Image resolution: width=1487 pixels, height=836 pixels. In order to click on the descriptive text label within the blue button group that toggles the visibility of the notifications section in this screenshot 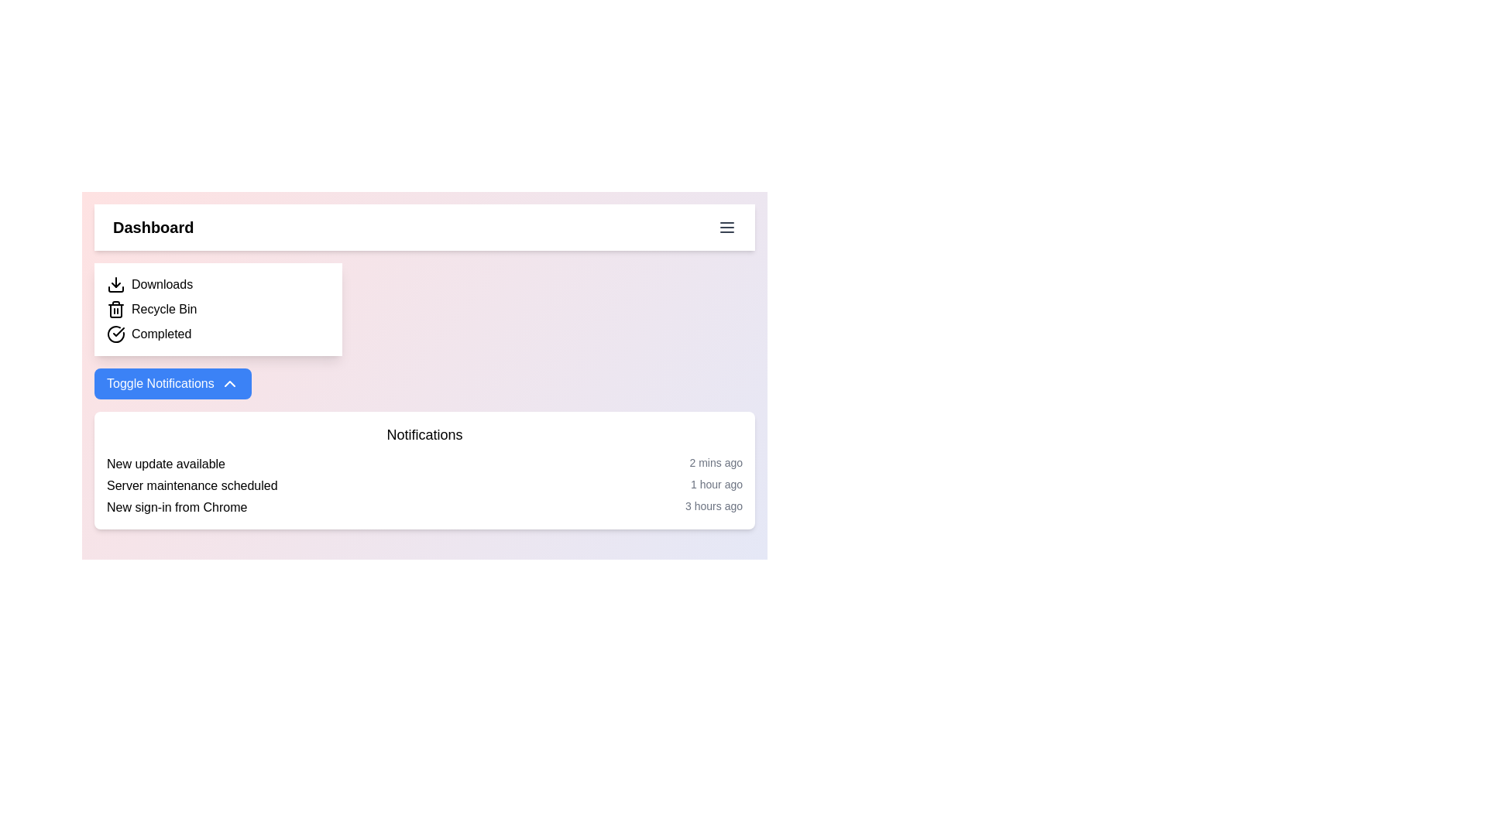, I will do `click(160, 383)`.